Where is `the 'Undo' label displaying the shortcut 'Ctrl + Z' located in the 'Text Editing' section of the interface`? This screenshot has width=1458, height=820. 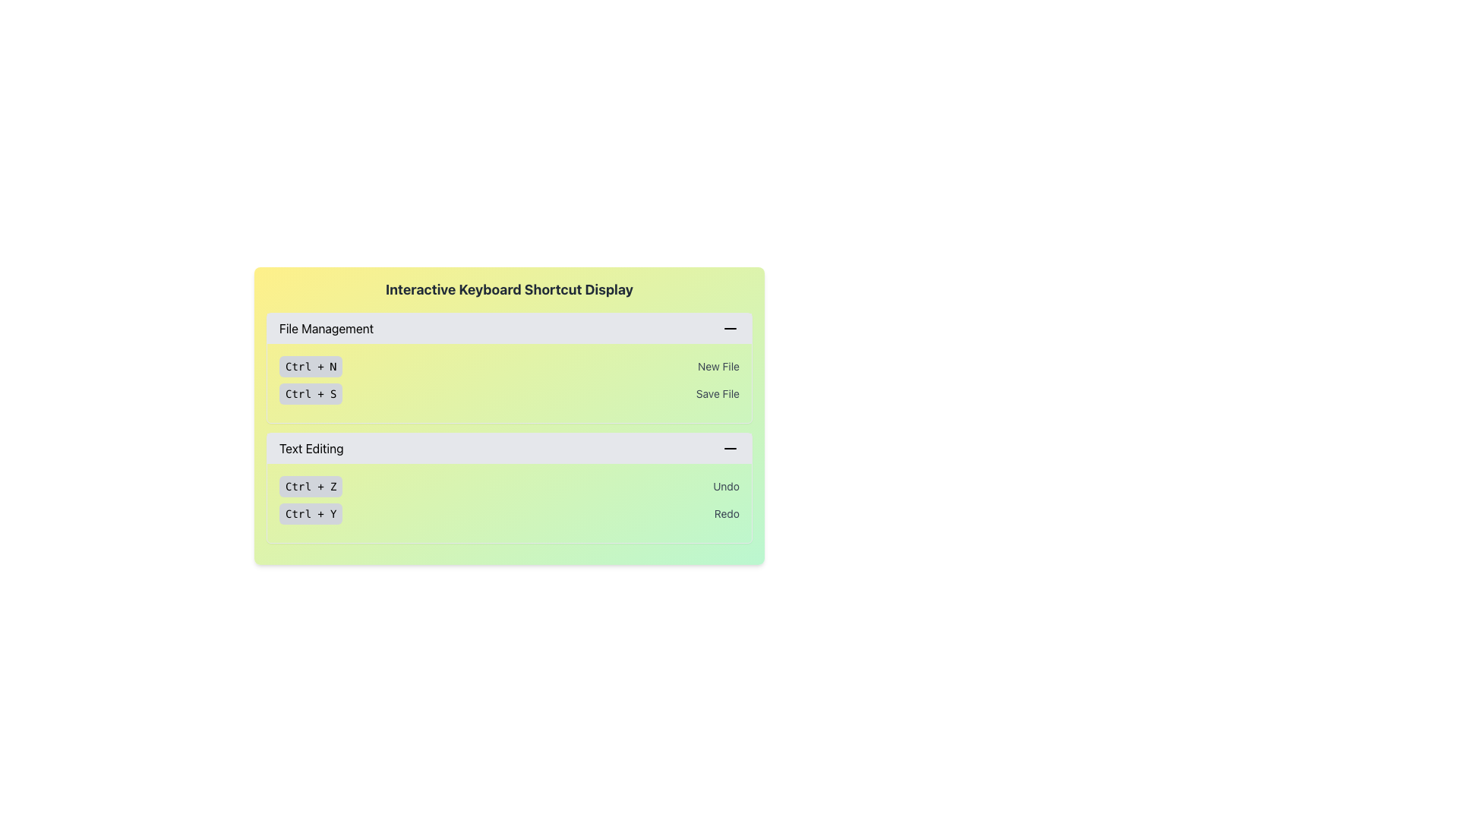
the 'Undo' label displaying the shortcut 'Ctrl + Z' located in the 'Text Editing' section of the interface is located at coordinates (310, 486).